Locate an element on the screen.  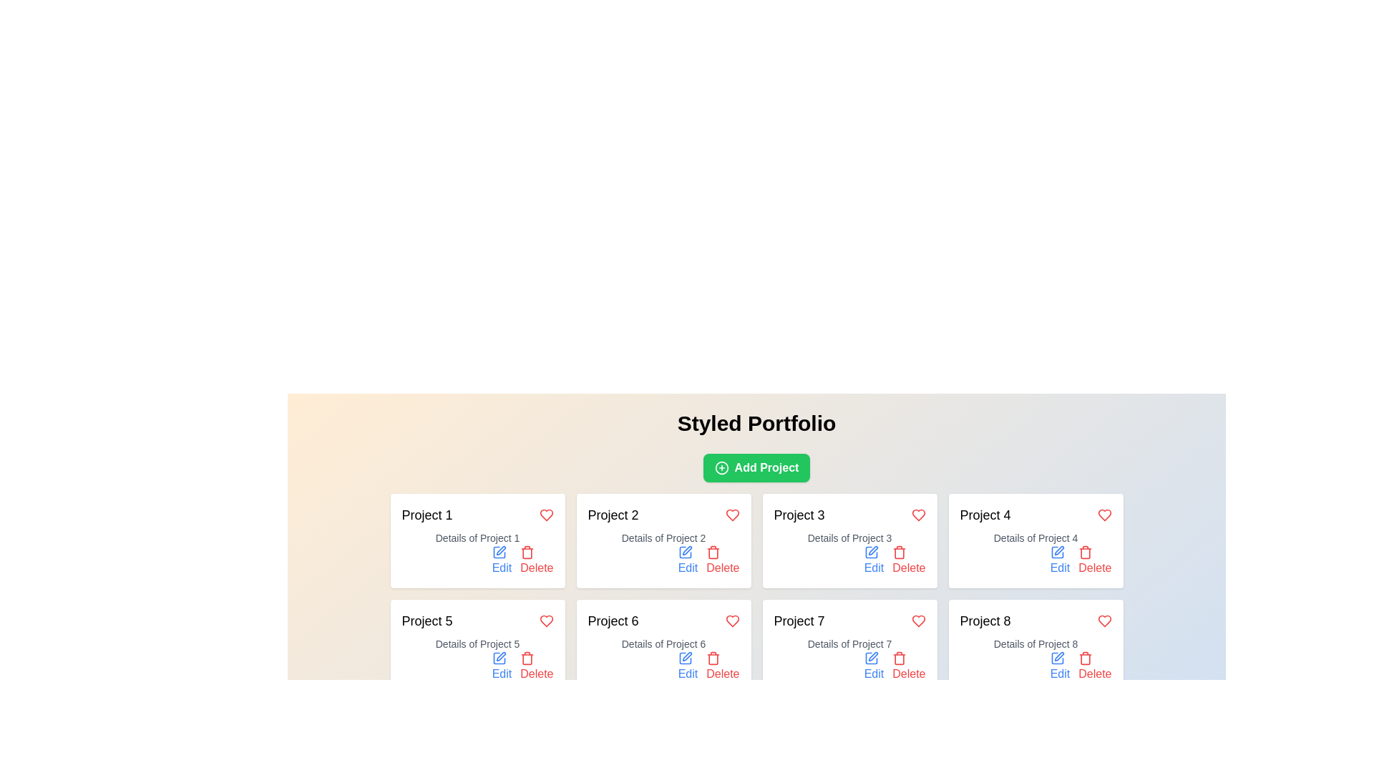
the heart icon located at the top-right corner of the card labeled 'Project 2' is located at coordinates (732, 515).